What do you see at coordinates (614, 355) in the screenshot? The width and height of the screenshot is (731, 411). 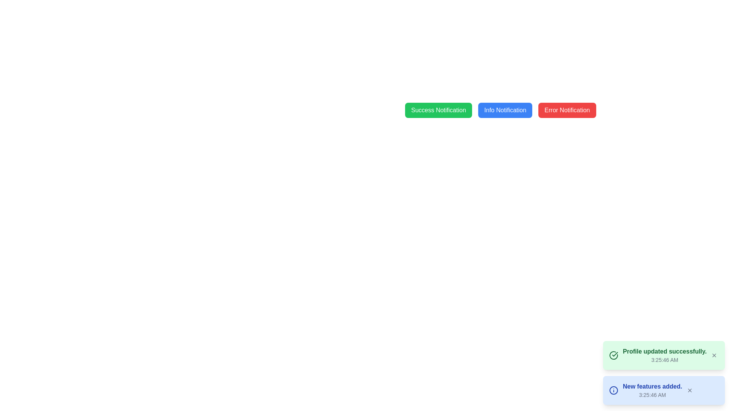 I see `the success indicator icon located in the green notification box that confirms 'Profile updated successfully'` at bounding box center [614, 355].